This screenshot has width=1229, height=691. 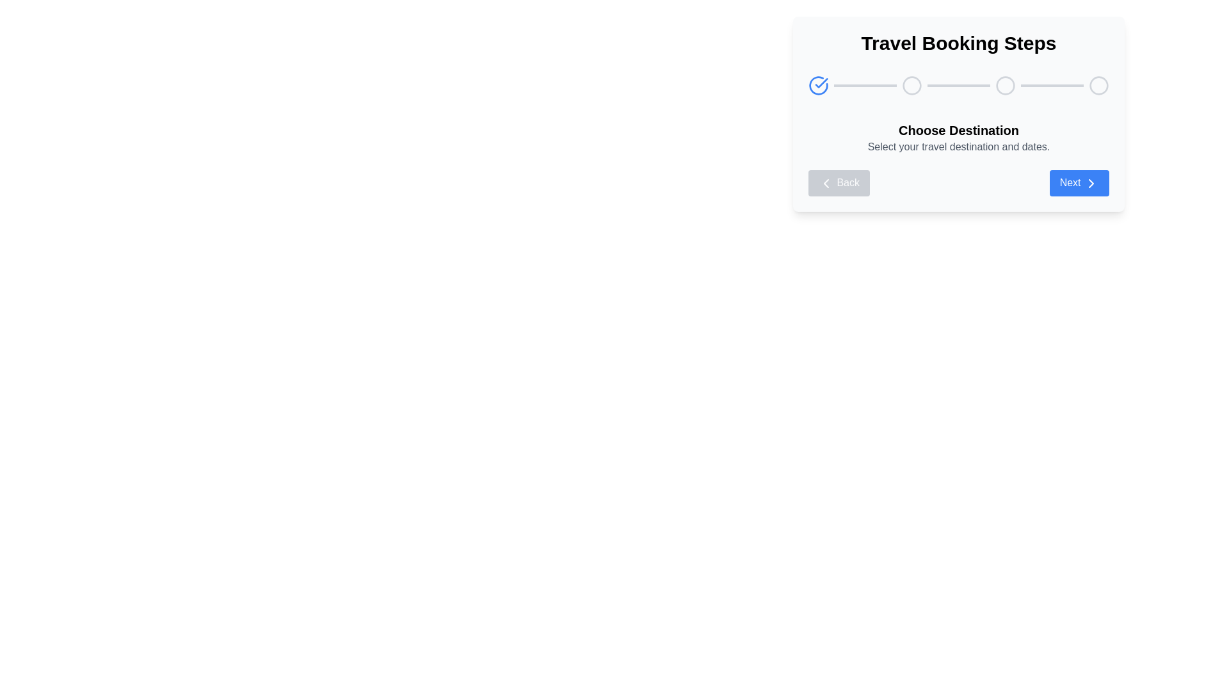 I want to click on the forward navigation icon located within the 'Next' button in the step navigation interface, so click(x=1090, y=182).